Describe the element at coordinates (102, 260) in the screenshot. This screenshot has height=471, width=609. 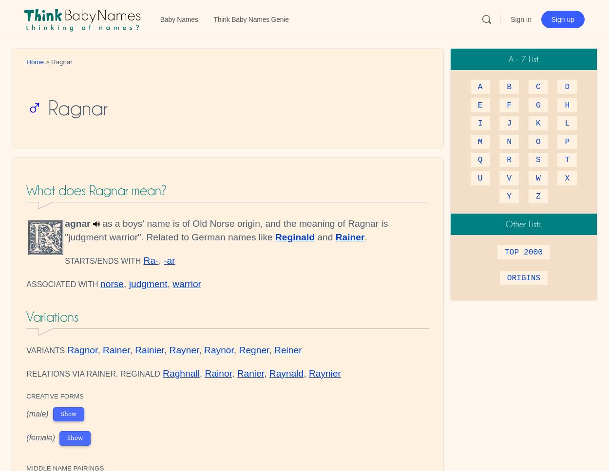
I see `'STARTS/ENDS WITH'` at that location.